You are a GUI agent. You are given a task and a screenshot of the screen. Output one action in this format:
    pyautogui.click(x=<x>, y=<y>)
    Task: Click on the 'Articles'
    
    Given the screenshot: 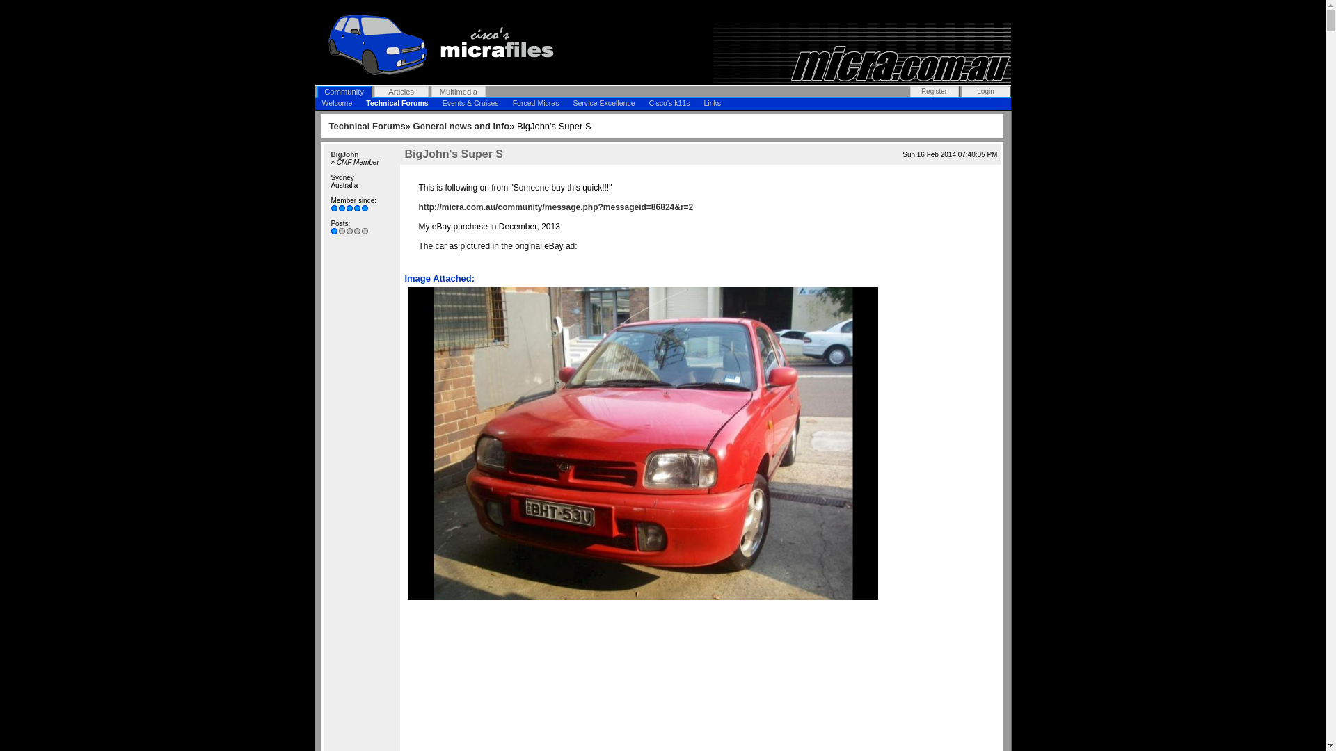 What is the action you would take?
    pyautogui.click(x=400, y=91)
    